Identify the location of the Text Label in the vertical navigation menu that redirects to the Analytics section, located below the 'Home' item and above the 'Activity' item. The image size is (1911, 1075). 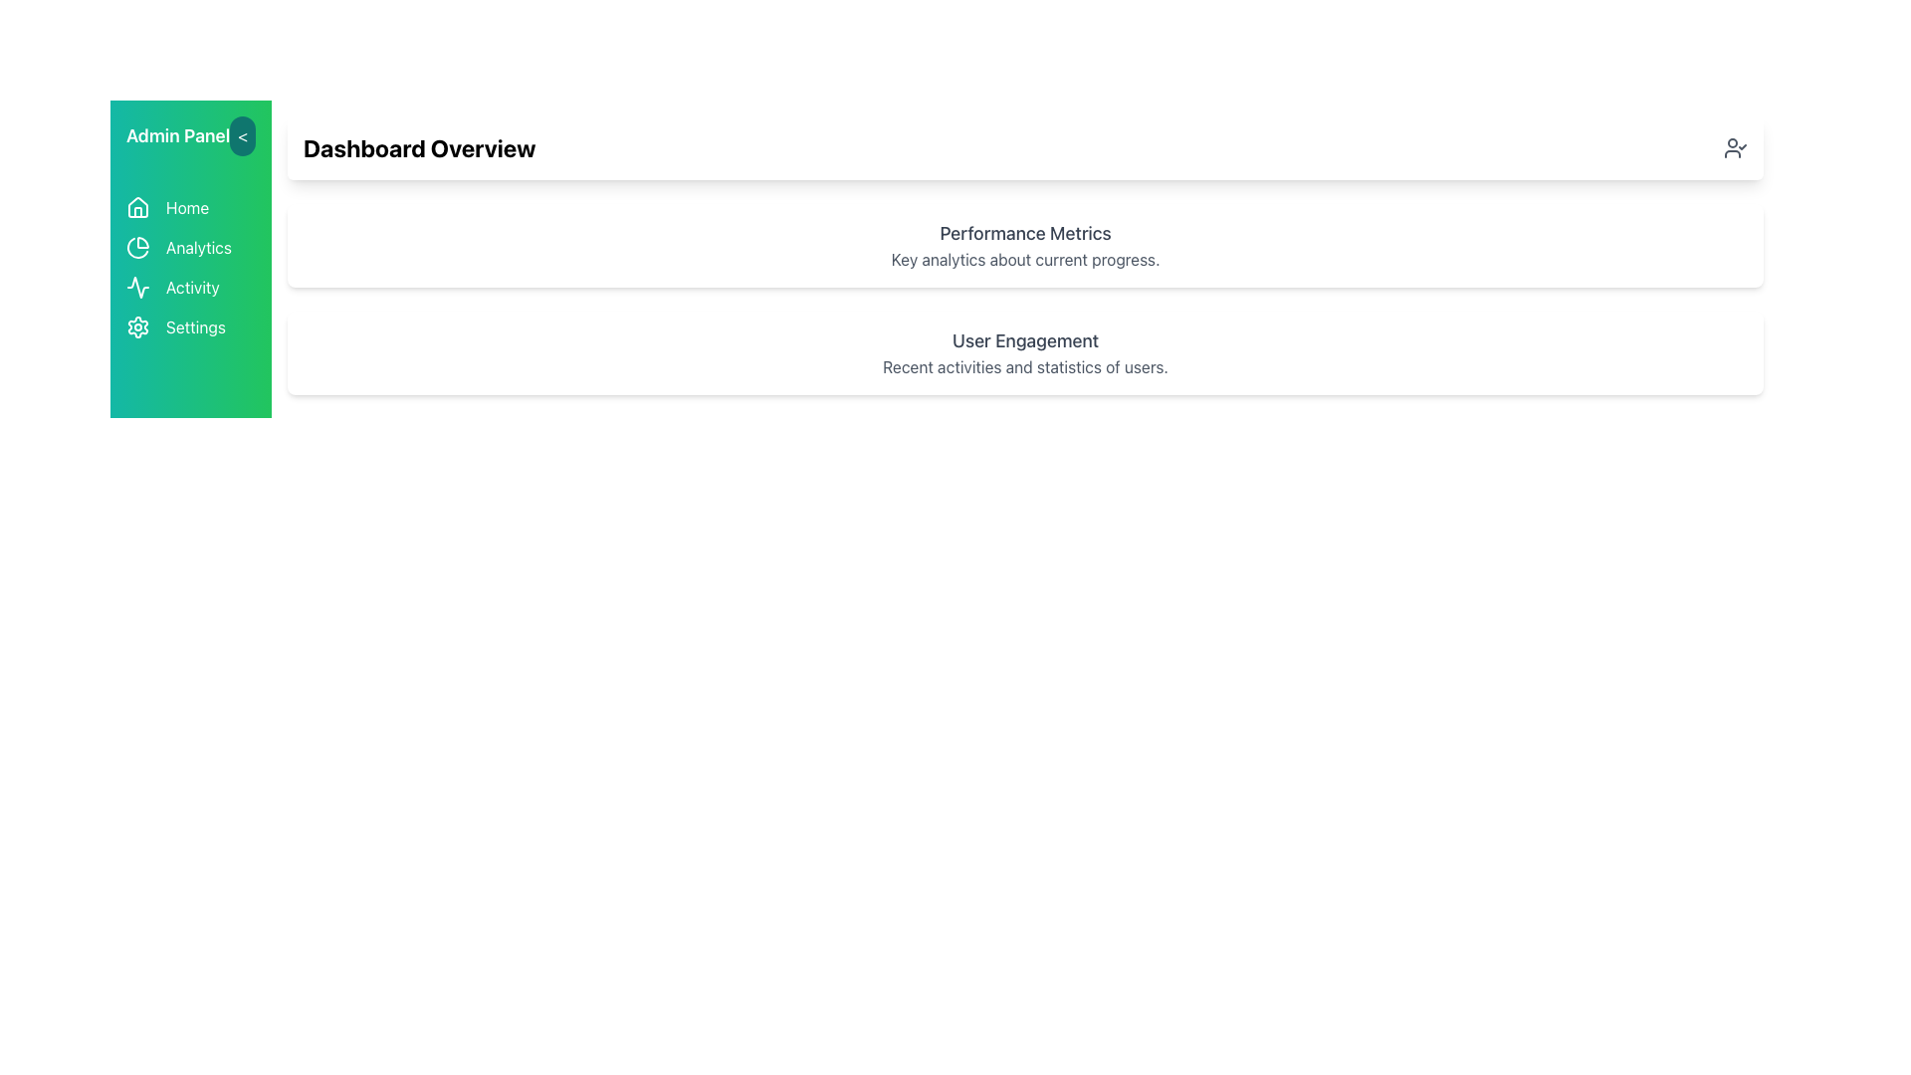
(199, 247).